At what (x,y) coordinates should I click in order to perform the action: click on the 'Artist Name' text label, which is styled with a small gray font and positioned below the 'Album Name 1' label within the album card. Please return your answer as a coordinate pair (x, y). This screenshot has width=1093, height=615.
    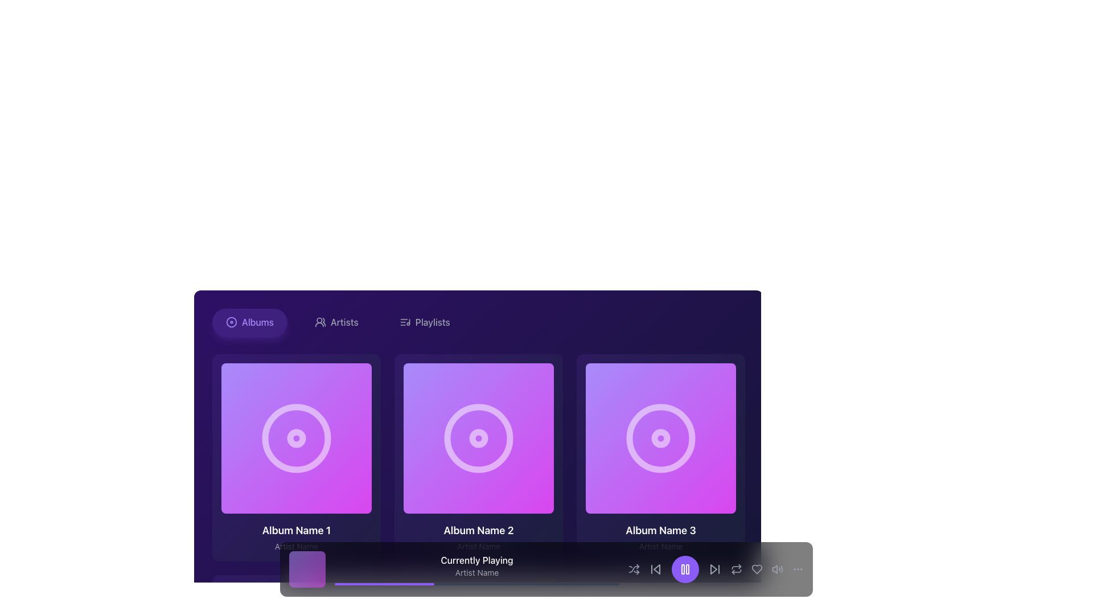
    Looking at the image, I should click on (297, 546).